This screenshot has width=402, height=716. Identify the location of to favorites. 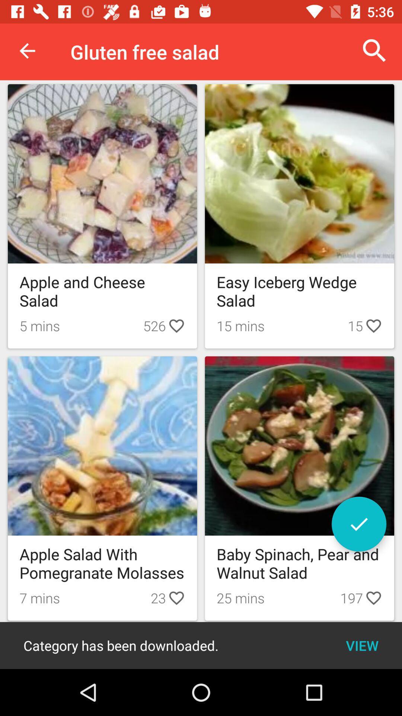
(358, 524).